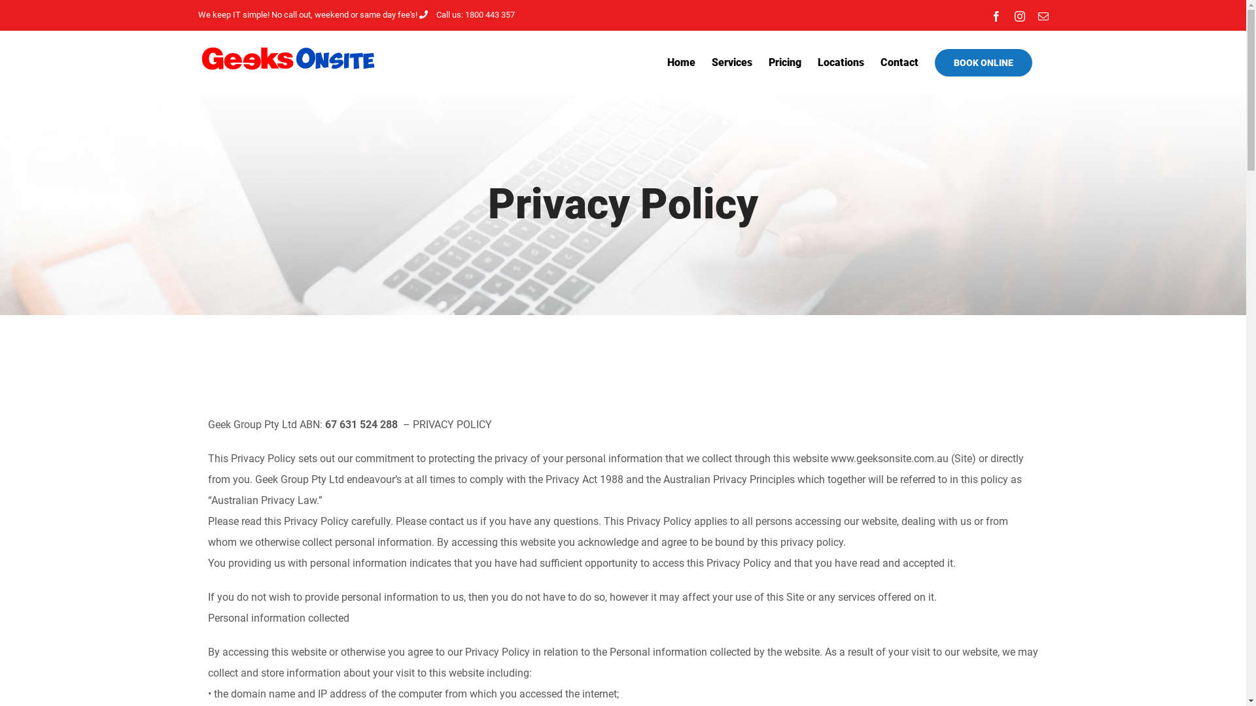  What do you see at coordinates (1013, 15) in the screenshot?
I see `'Instagram'` at bounding box center [1013, 15].